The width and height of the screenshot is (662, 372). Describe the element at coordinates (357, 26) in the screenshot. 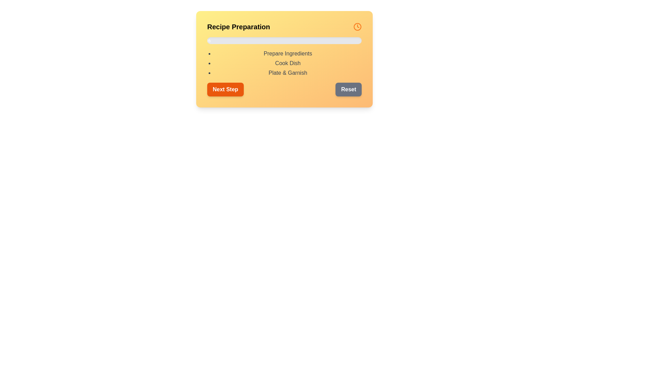

I see `the SVG Circle element that forms the base of the clock graphic in the top-right corner of the 'Recipe Preparation' card` at that location.